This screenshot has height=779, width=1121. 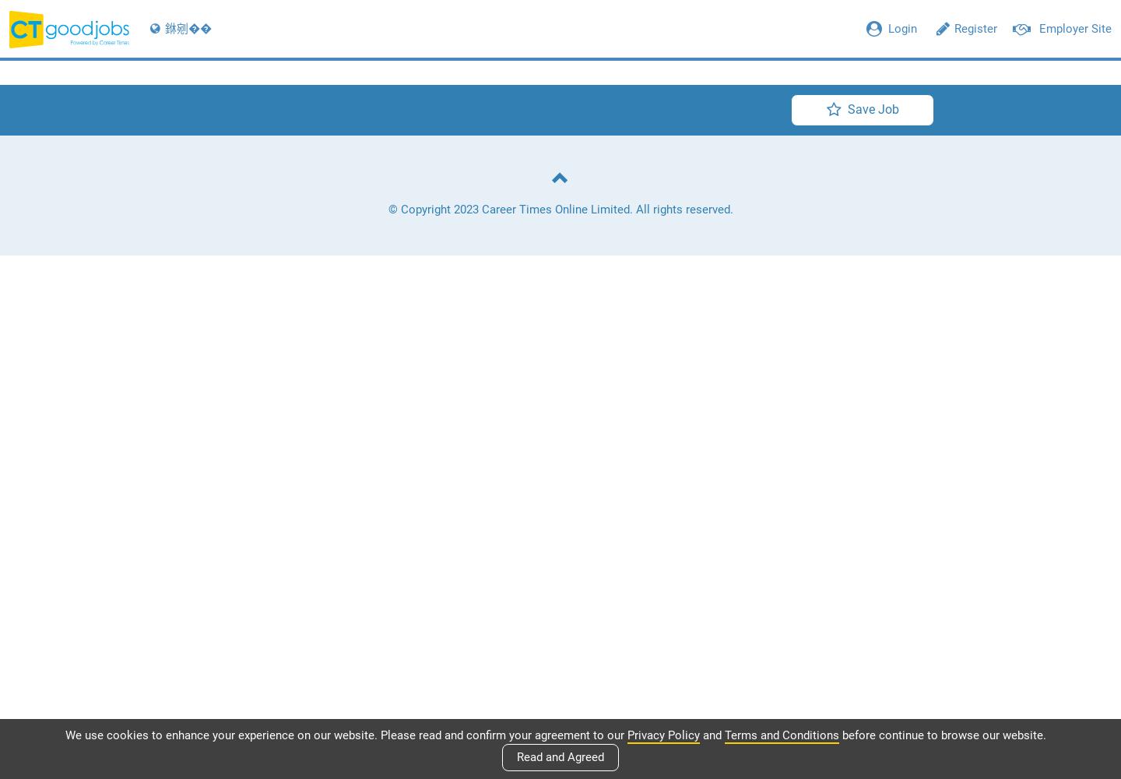 What do you see at coordinates (560, 756) in the screenshot?
I see `'Read and Agreed'` at bounding box center [560, 756].